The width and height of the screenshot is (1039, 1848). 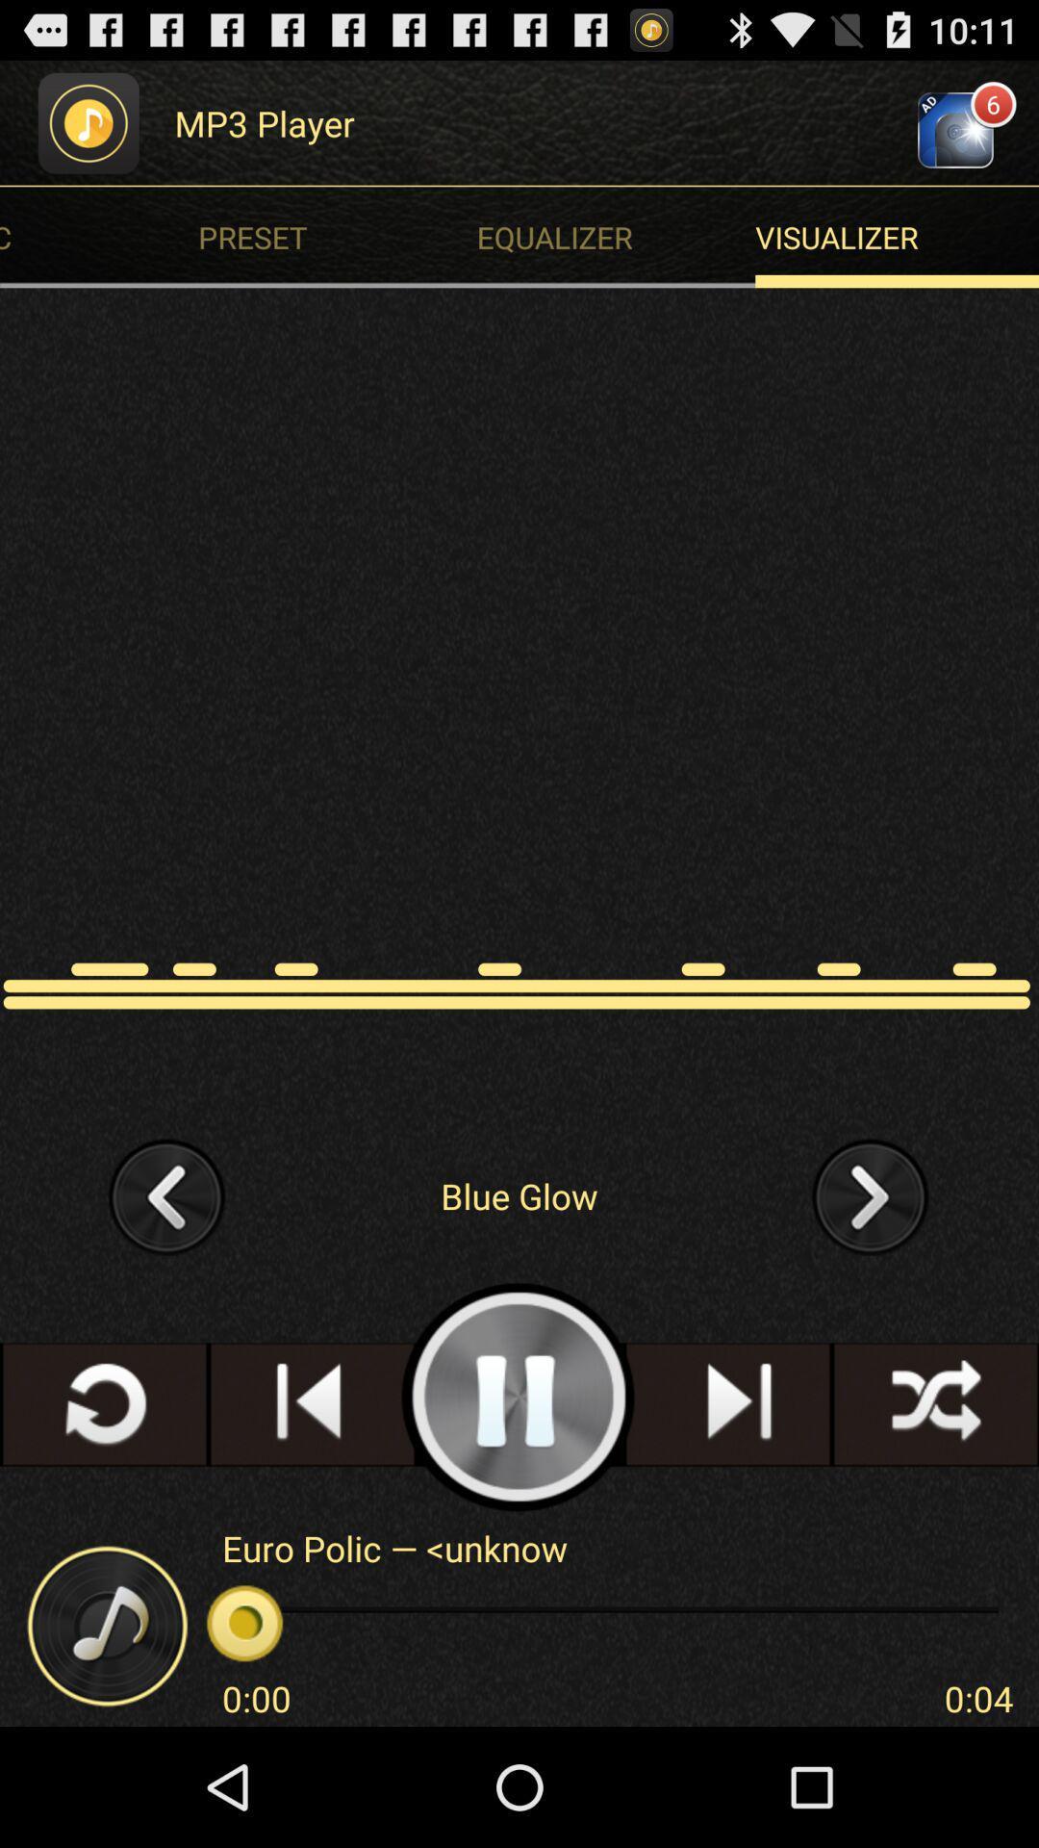 What do you see at coordinates (342, 236) in the screenshot?
I see `preset item` at bounding box center [342, 236].